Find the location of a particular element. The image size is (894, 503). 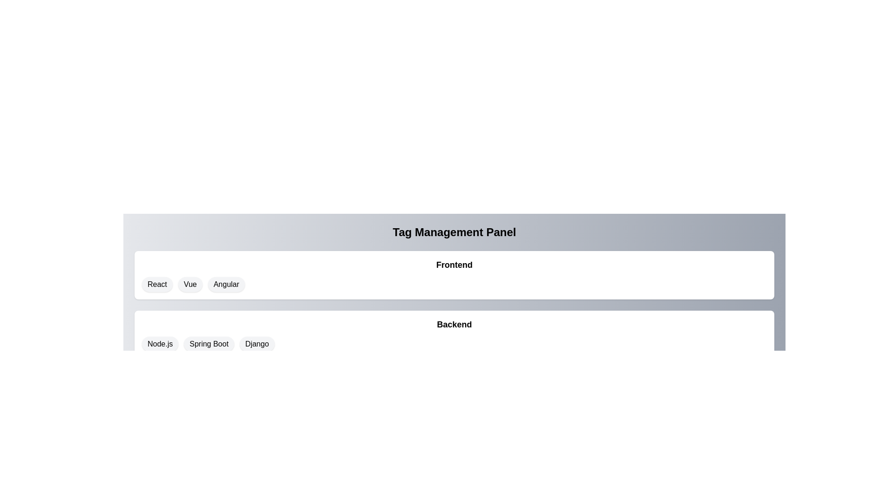

the 'React' button, which is a rounded button with a light gray background located in the top-left corner of the 'Frontend' section, preceding the 'Vue' and 'Angular' buttons is located at coordinates (157, 284).